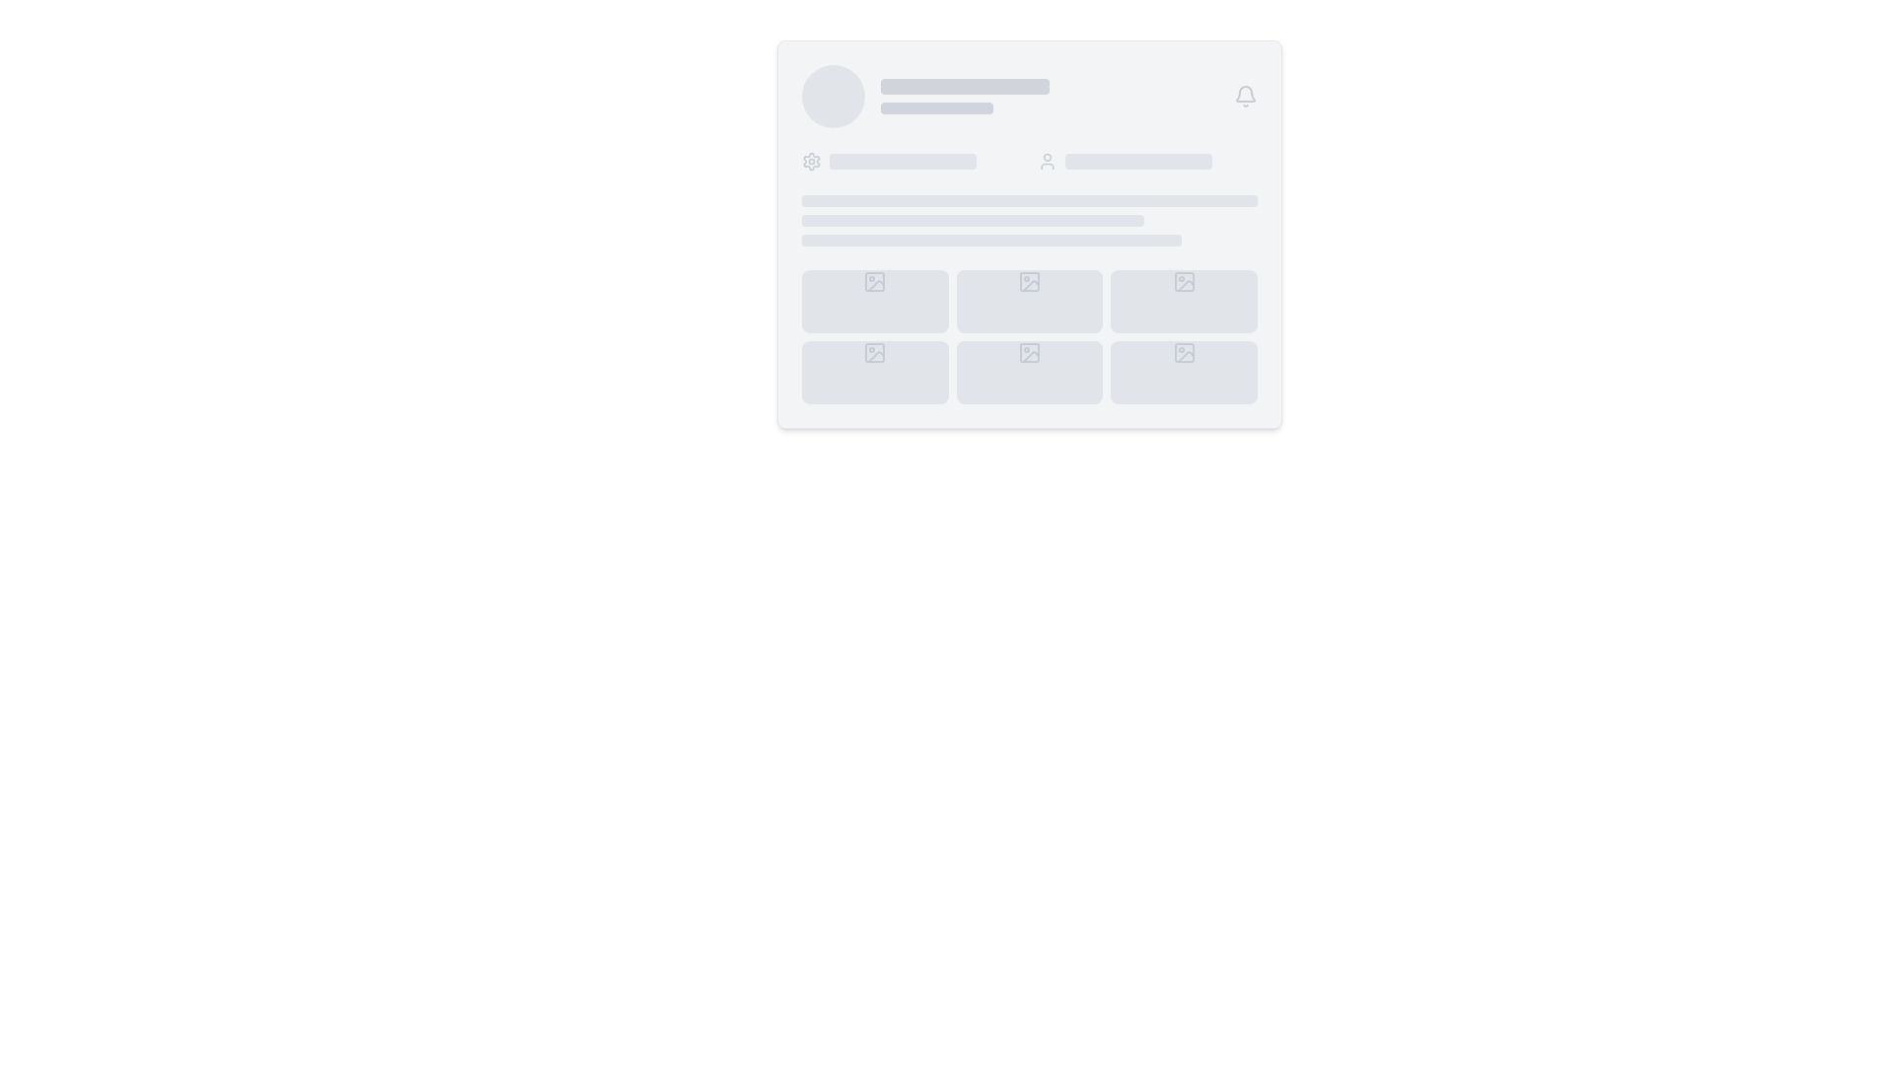 This screenshot has height=1065, width=1894. Describe the element at coordinates (1028, 352) in the screenshot. I see `the SVG Rounded Rectangle located in the fifth column of the second row within the grid structure` at that location.